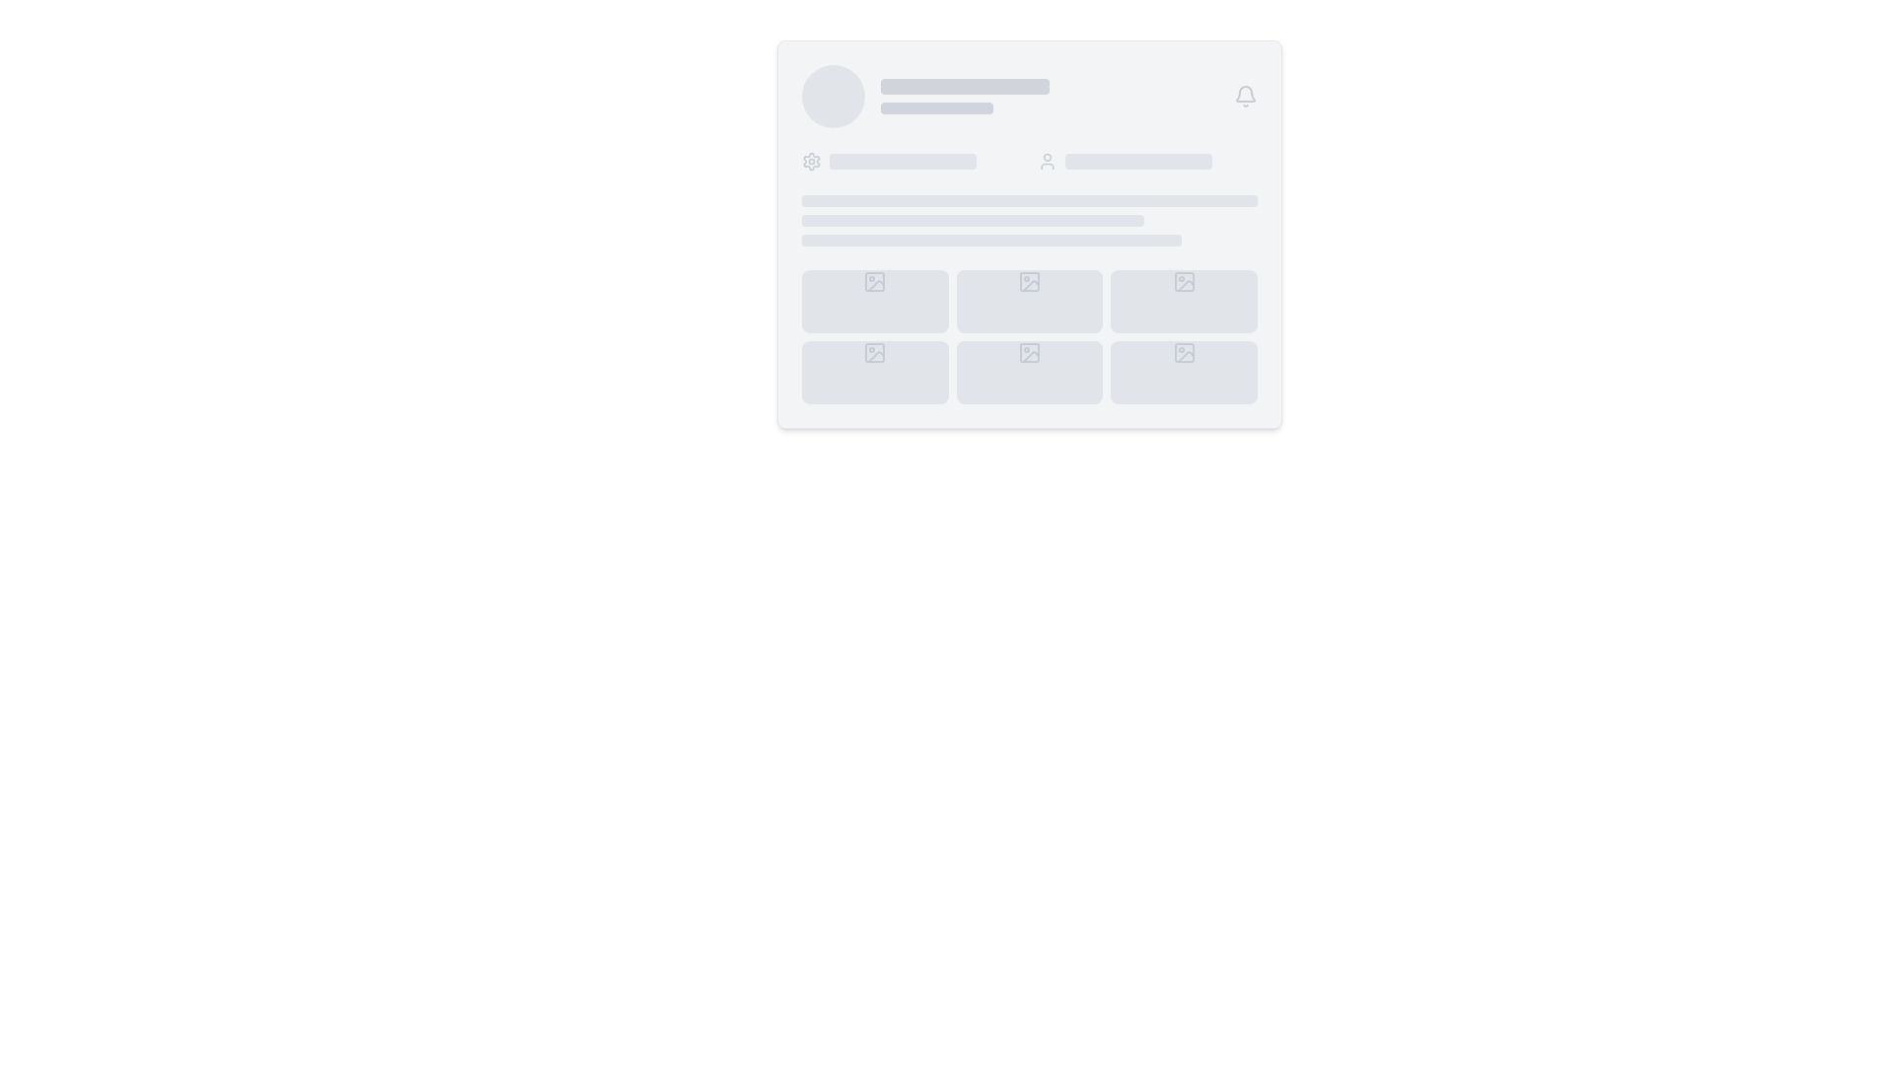 This screenshot has height=1065, width=1894. Describe the element at coordinates (1028, 352) in the screenshot. I see `the SVG Rounded Rectangle located in the fifth column of the second row within the grid structure` at that location.